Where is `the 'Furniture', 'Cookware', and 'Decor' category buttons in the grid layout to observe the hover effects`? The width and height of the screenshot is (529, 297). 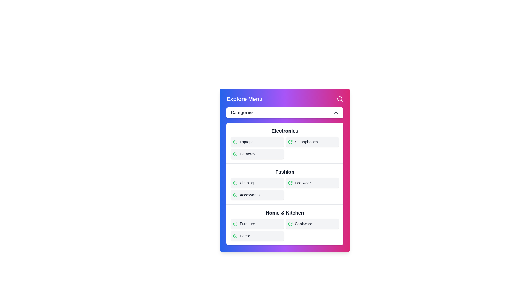 the 'Furniture', 'Cookware', and 'Decor' category buttons in the grid layout to observe the hover effects is located at coordinates (285, 230).